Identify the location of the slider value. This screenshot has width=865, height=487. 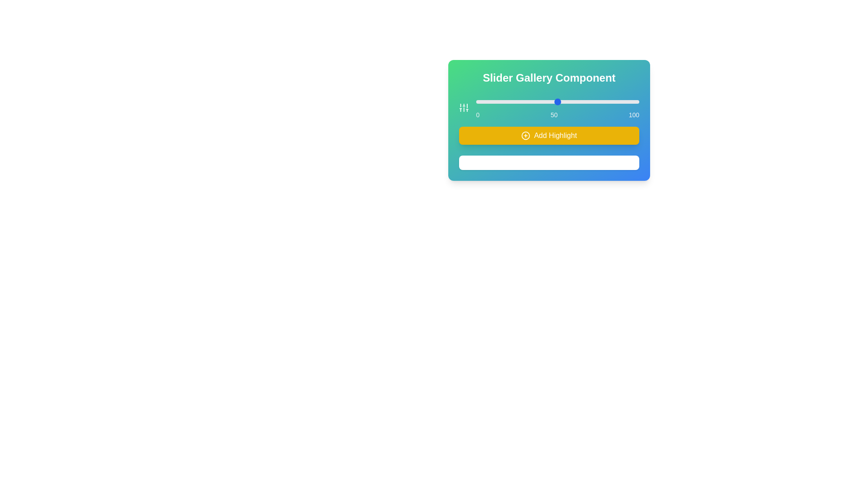
(624, 101).